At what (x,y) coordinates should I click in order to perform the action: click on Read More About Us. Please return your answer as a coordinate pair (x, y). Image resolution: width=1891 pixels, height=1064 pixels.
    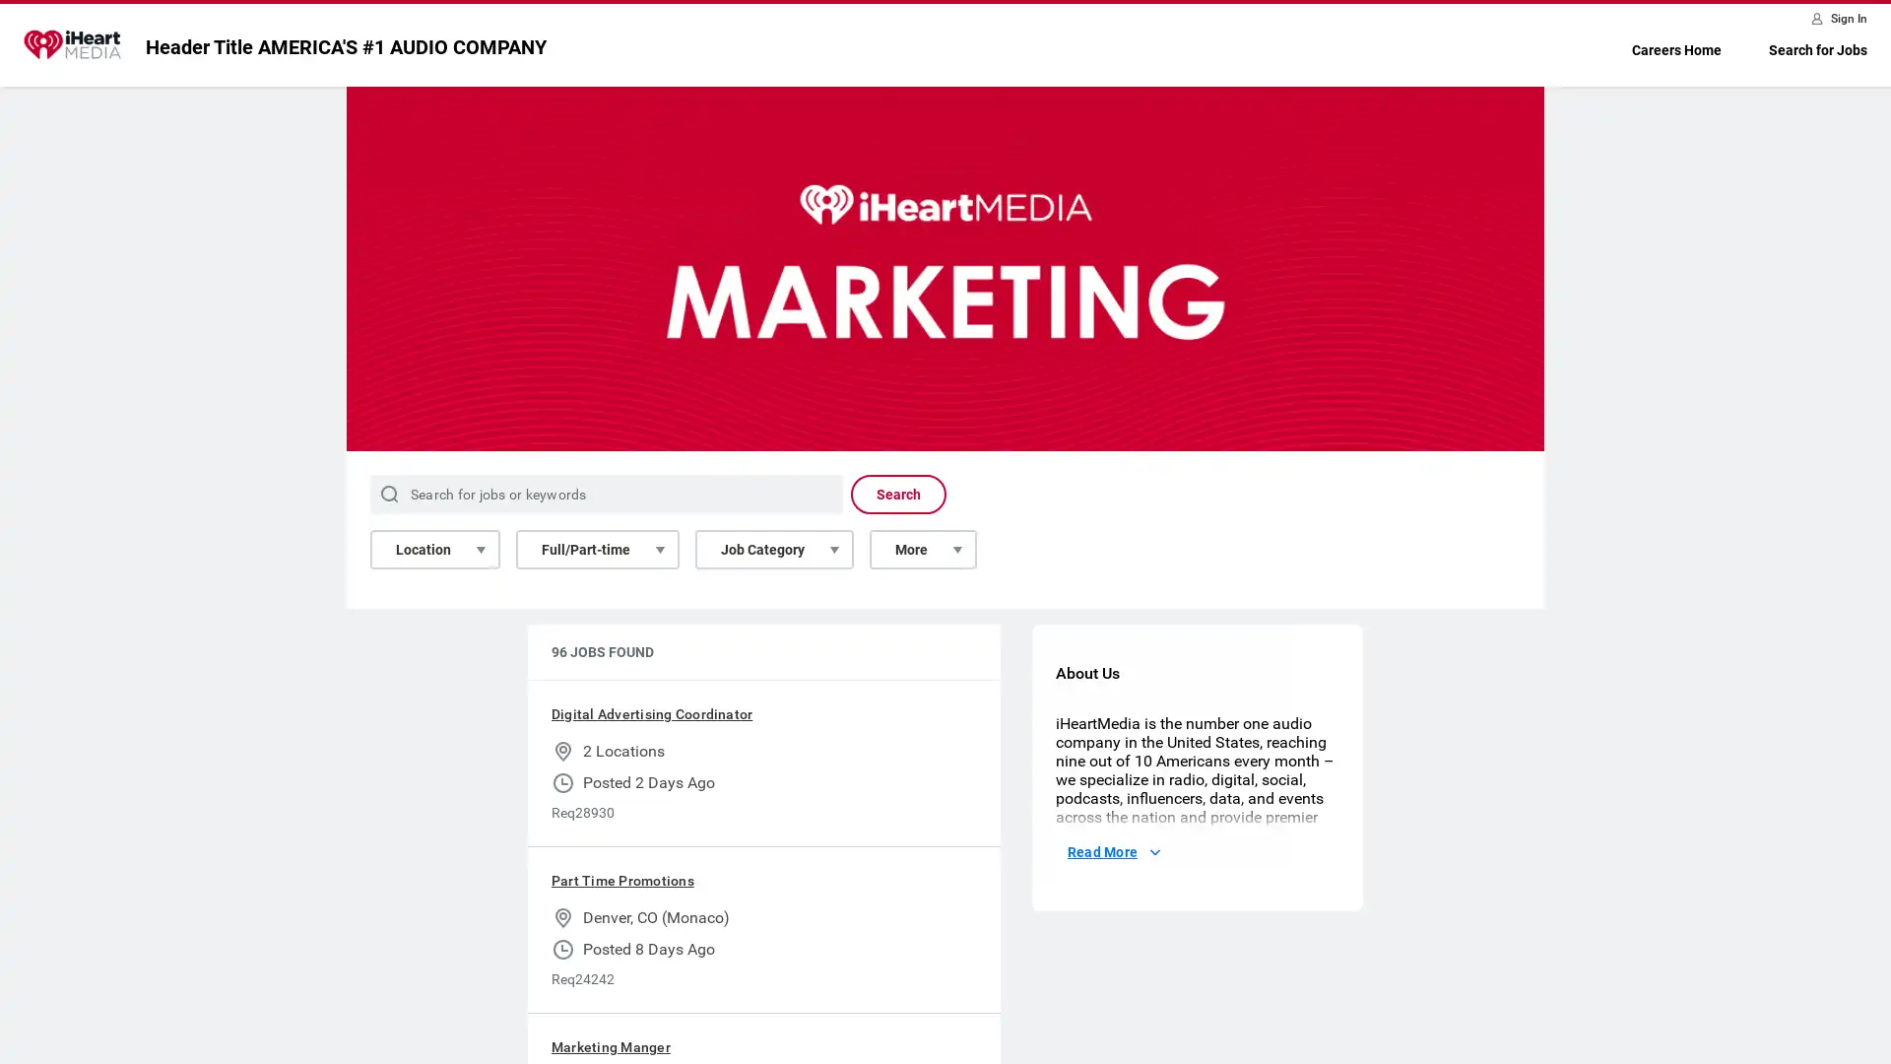
    Looking at the image, I should click on (1112, 999).